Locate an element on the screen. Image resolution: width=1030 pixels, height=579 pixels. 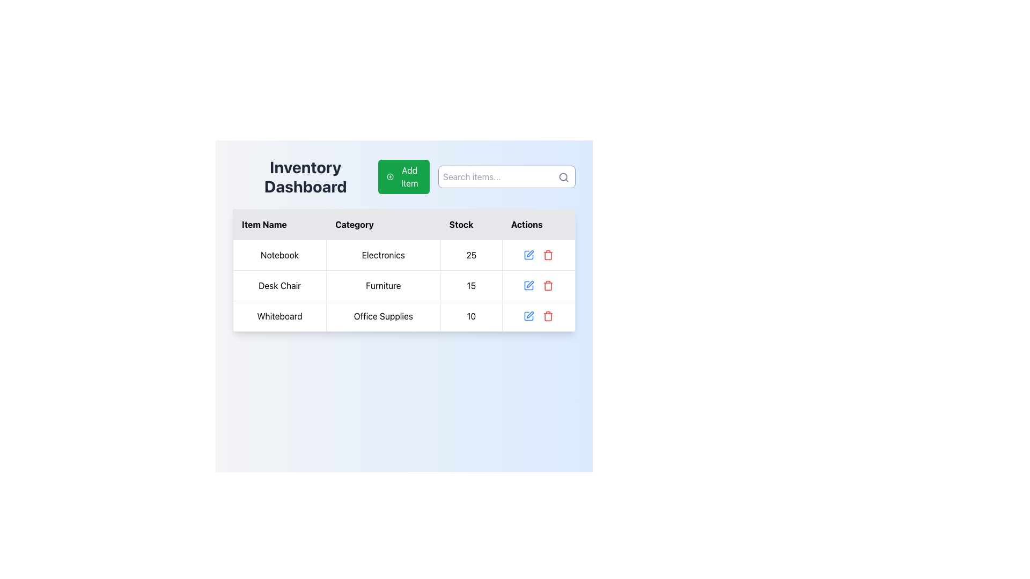
text of the third table cell under the 'Stock' column displaying the current stock count for the 'Whiteboard' item in the last row of the inventory table is located at coordinates (471, 316).